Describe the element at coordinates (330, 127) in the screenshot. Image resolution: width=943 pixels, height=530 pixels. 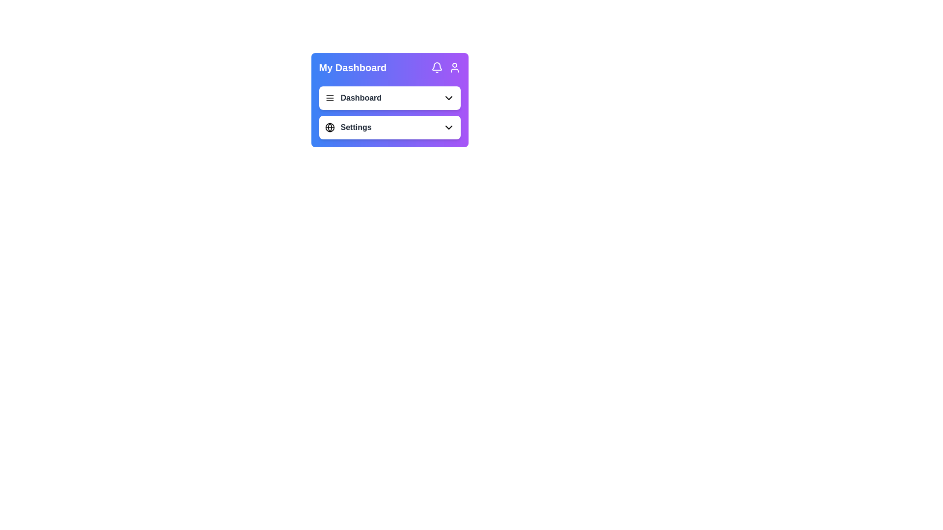
I see `the circular graphical icon with a black stroke, located in the top right corner of the purple header bar` at that location.